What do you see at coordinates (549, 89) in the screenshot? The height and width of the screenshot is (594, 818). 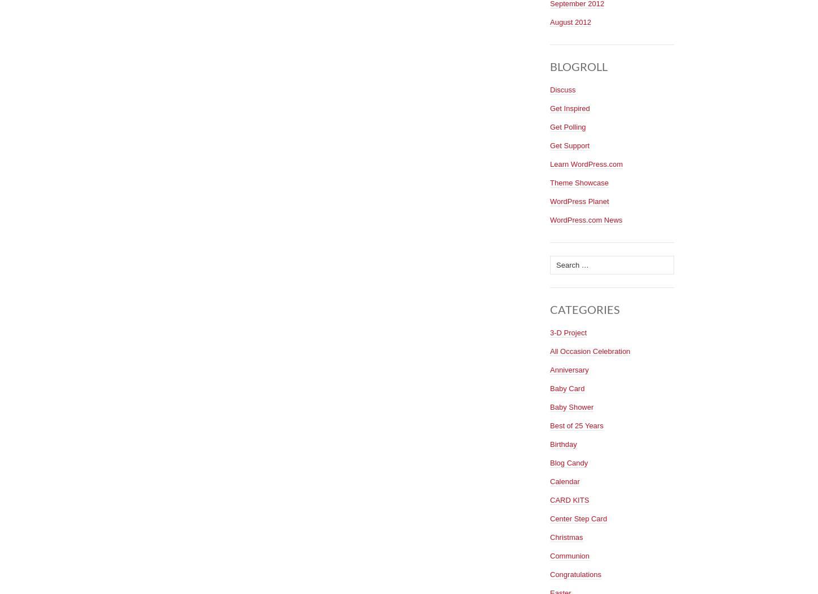 I see `'Discuss'` at bounding box center [549, 89].